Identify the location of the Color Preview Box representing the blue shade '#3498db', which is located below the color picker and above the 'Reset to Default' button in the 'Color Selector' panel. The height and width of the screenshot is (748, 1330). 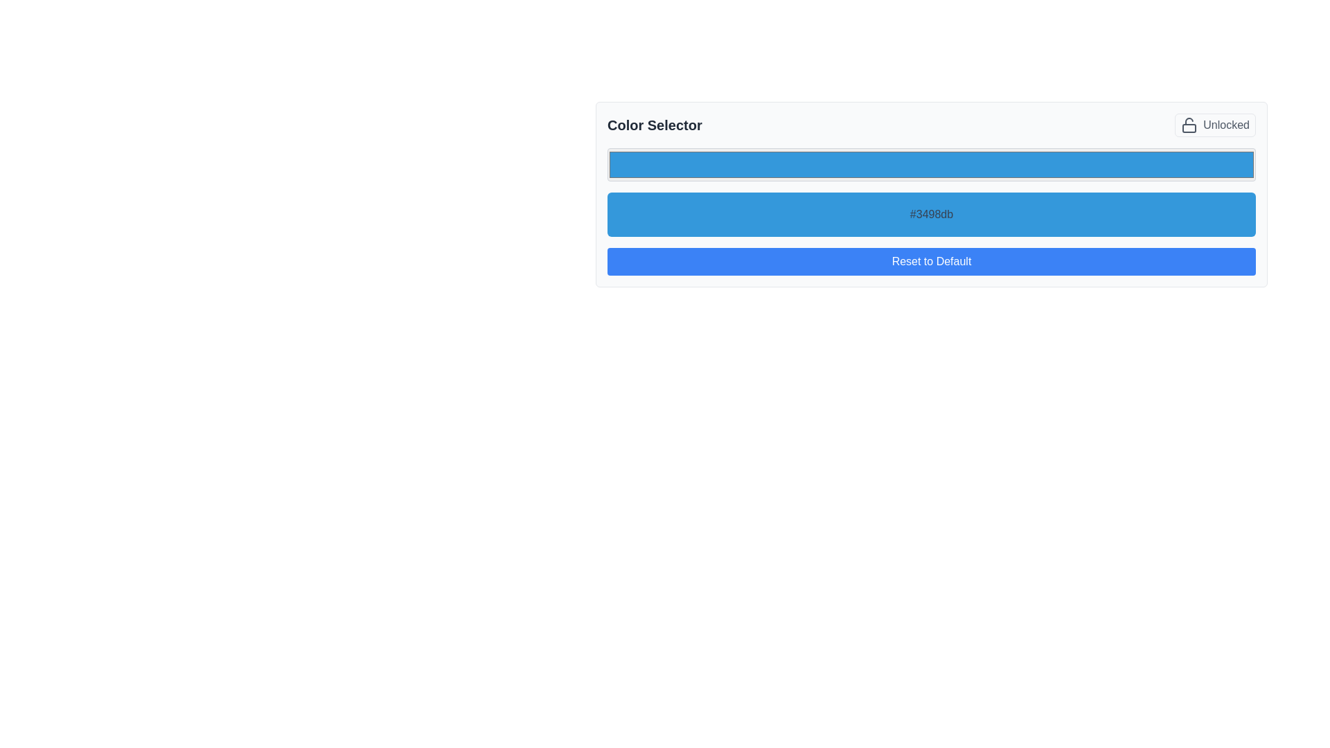
(931, 214).